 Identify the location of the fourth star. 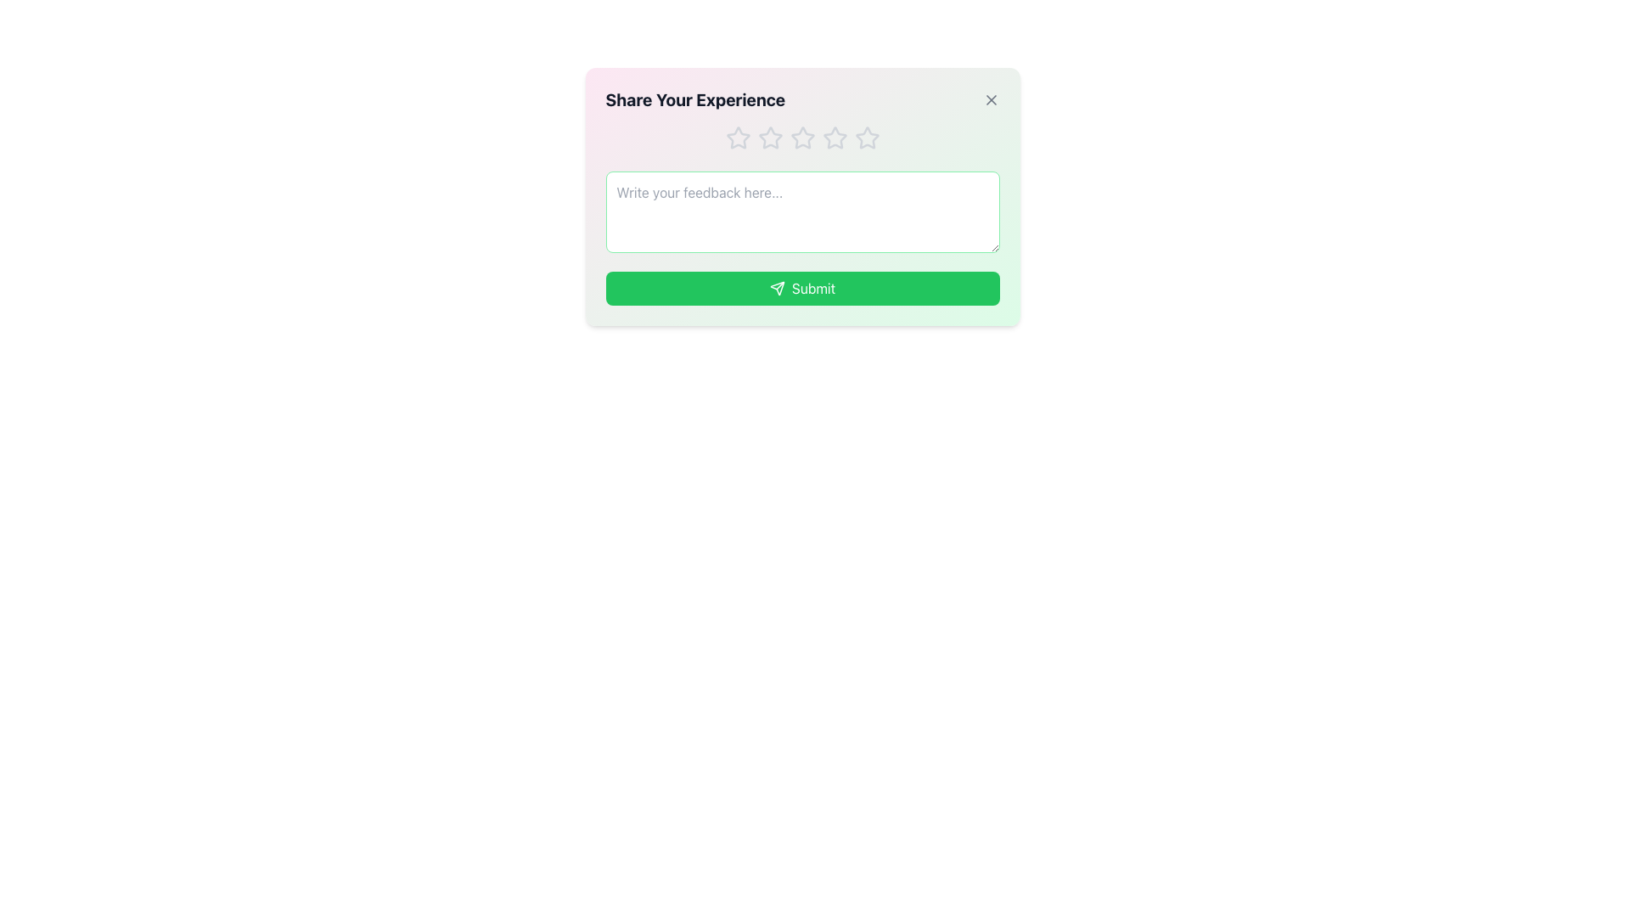
(835, 137).